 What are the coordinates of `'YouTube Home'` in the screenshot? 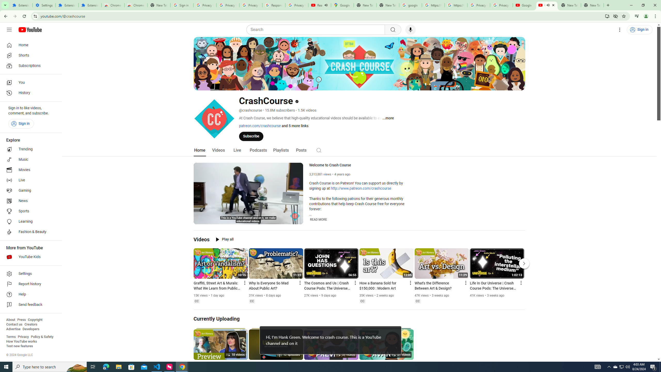 It's located at (30, 29).